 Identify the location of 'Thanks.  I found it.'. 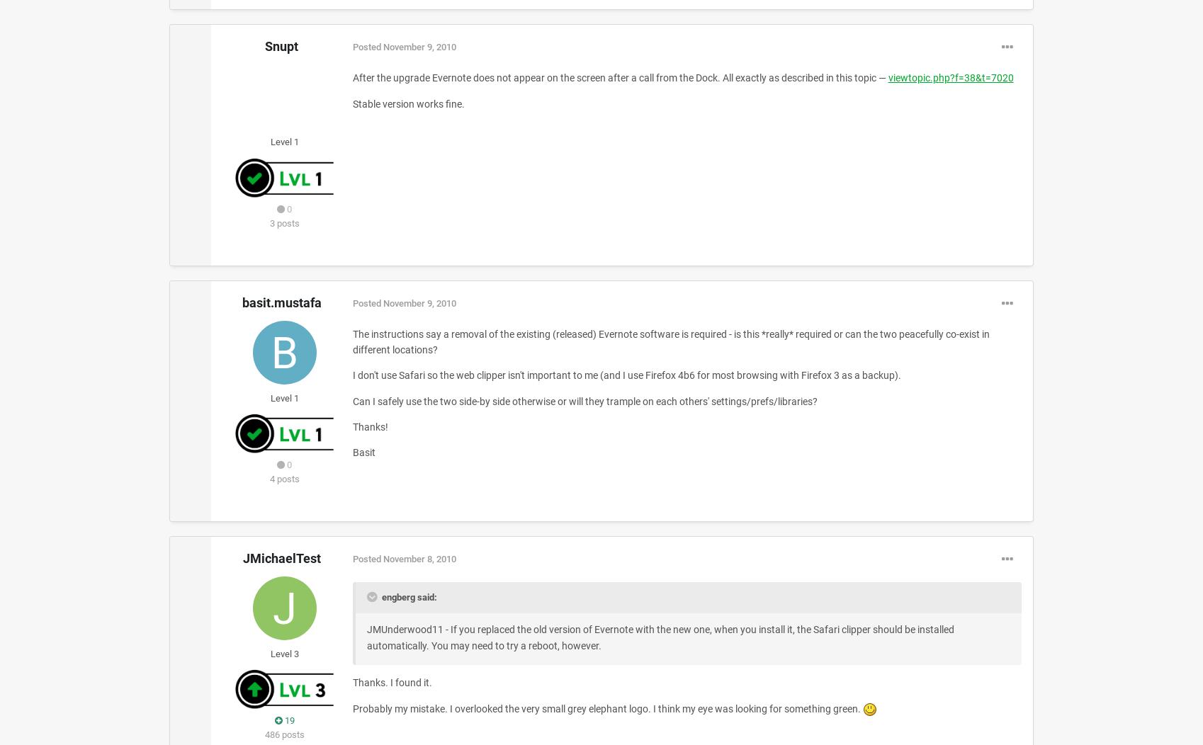
(351, 681).